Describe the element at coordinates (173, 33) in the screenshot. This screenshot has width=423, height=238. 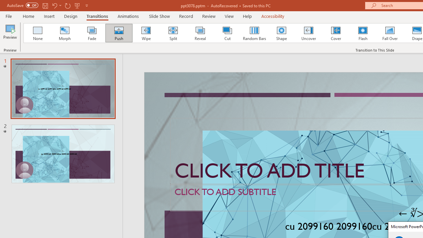
I see `'Split'` at that location.